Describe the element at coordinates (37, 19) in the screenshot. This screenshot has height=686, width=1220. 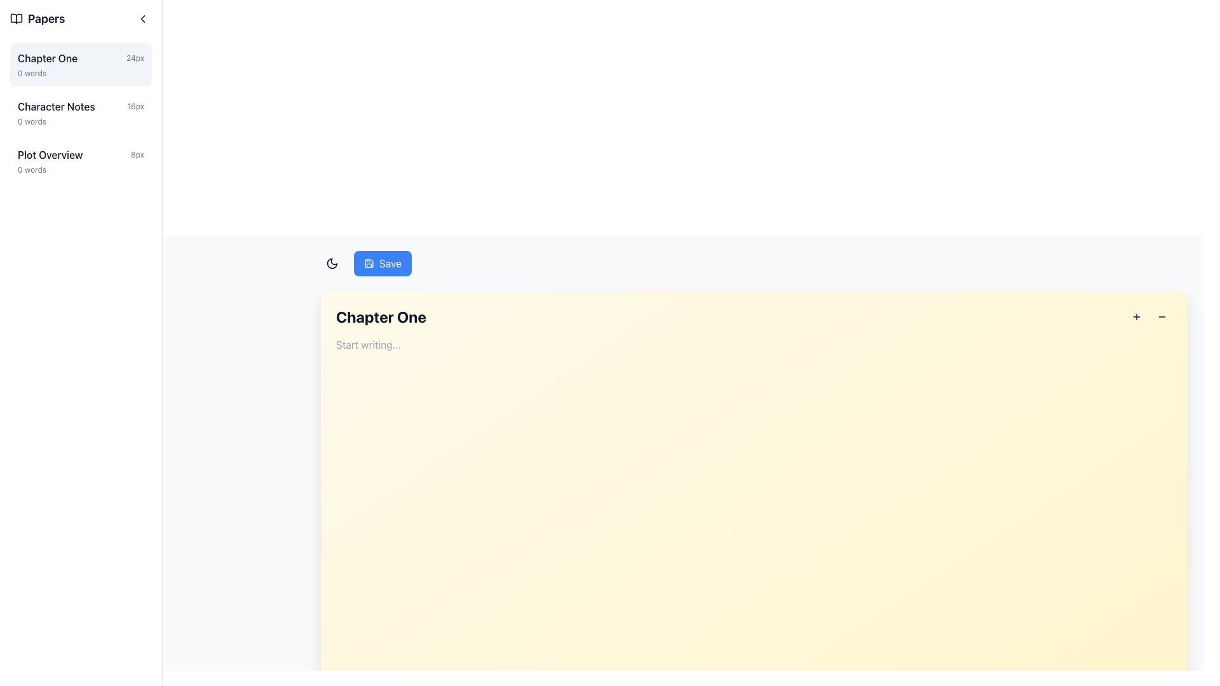
I see `text label 'Papers' located in the top-left section of the sidebar, prominently styled and accompanied by an open book icon` at that location.